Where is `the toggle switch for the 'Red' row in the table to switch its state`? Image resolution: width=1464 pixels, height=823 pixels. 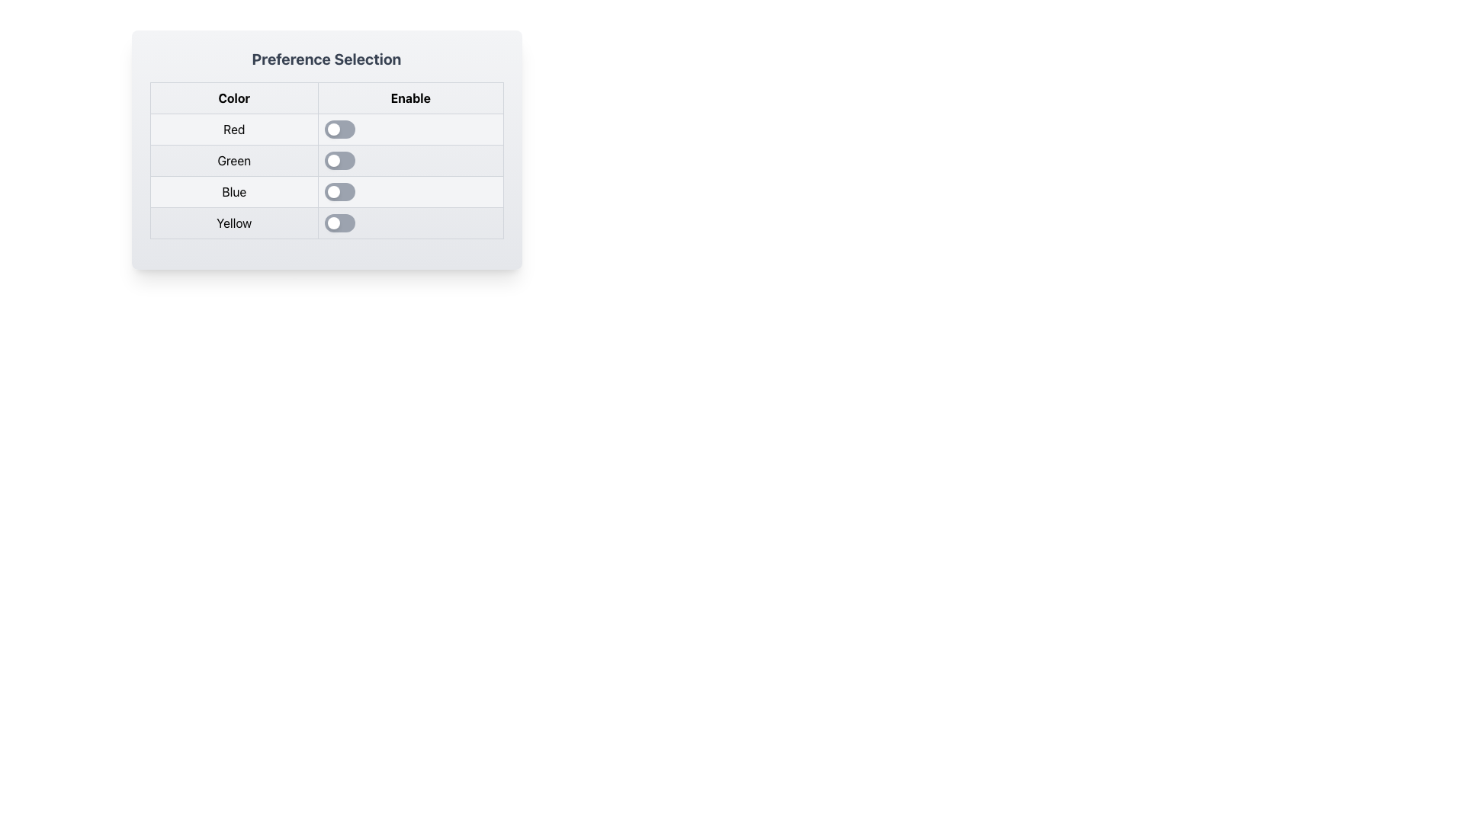
the toggle switch for the 'Red' row in the table to switch its state is located at coordinates (326, 128).